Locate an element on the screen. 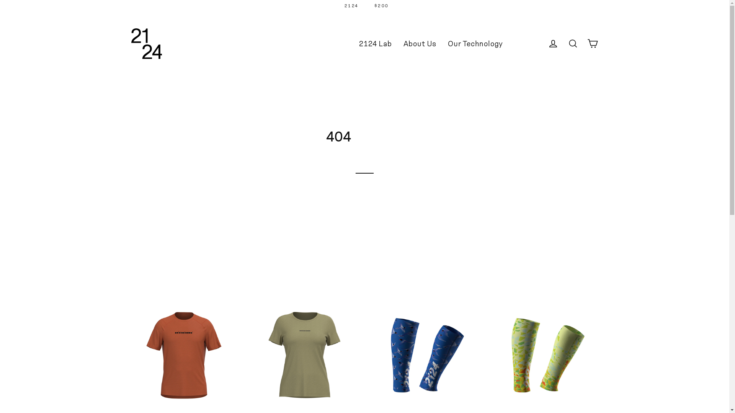  '2124 Lab' is located at coordinates (375, 44).